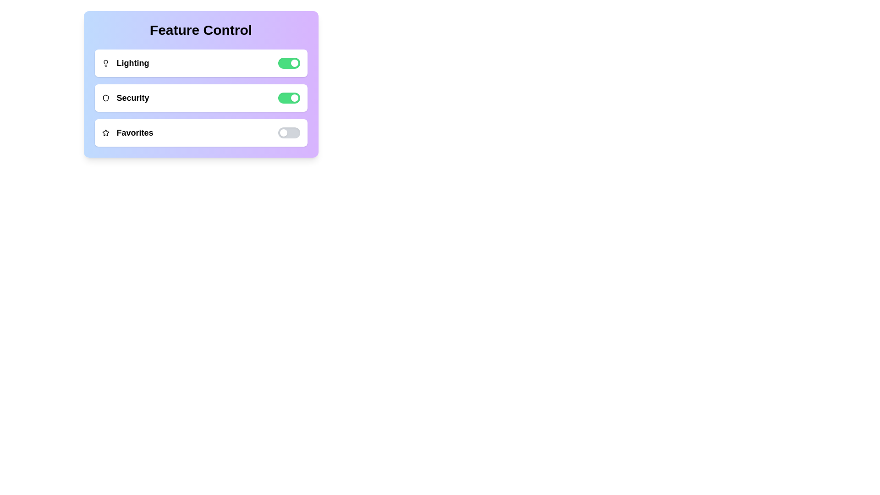 The height and width of the screenshot is (495, 880). Describe the element at coordinates (288, 63) in the screenshot. I see `toggle button for the lighting setting to change its state` at that location.